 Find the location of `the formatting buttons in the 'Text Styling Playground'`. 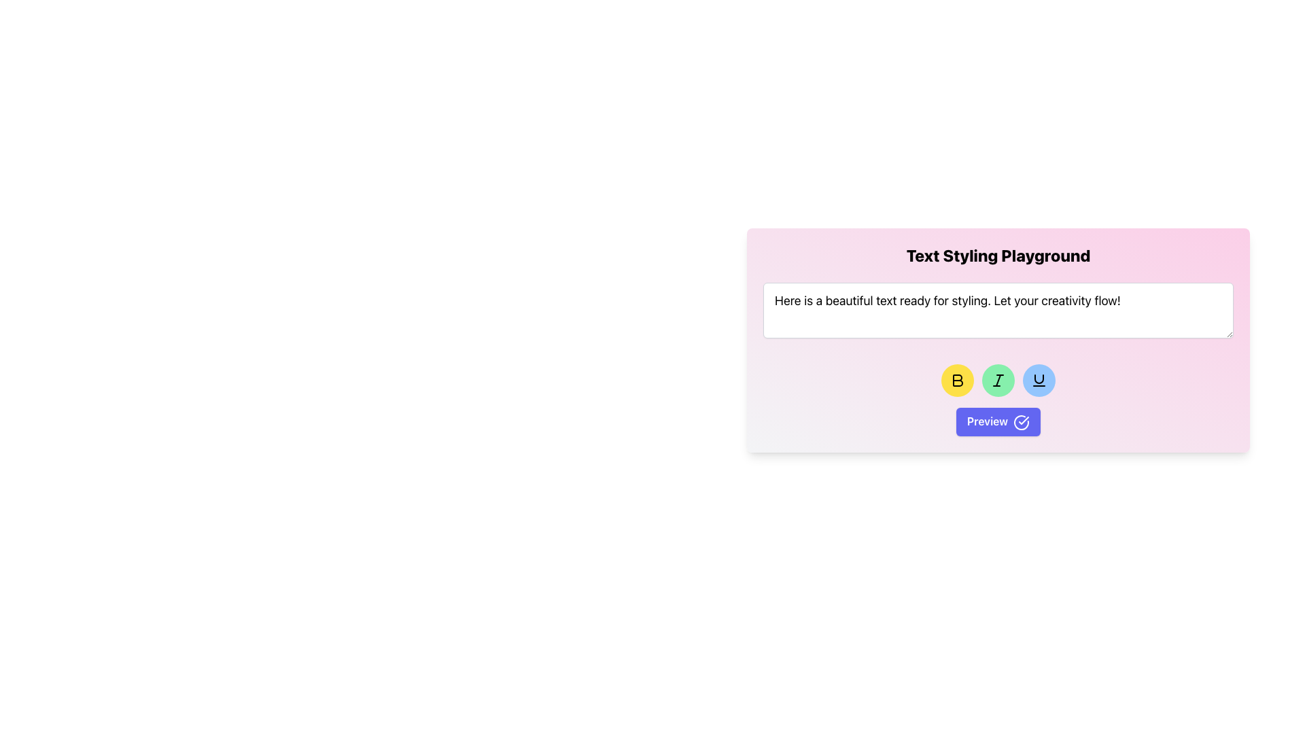

the formatting buttons in the 'Text Styling Playground' is located at coordinates (998, 339).